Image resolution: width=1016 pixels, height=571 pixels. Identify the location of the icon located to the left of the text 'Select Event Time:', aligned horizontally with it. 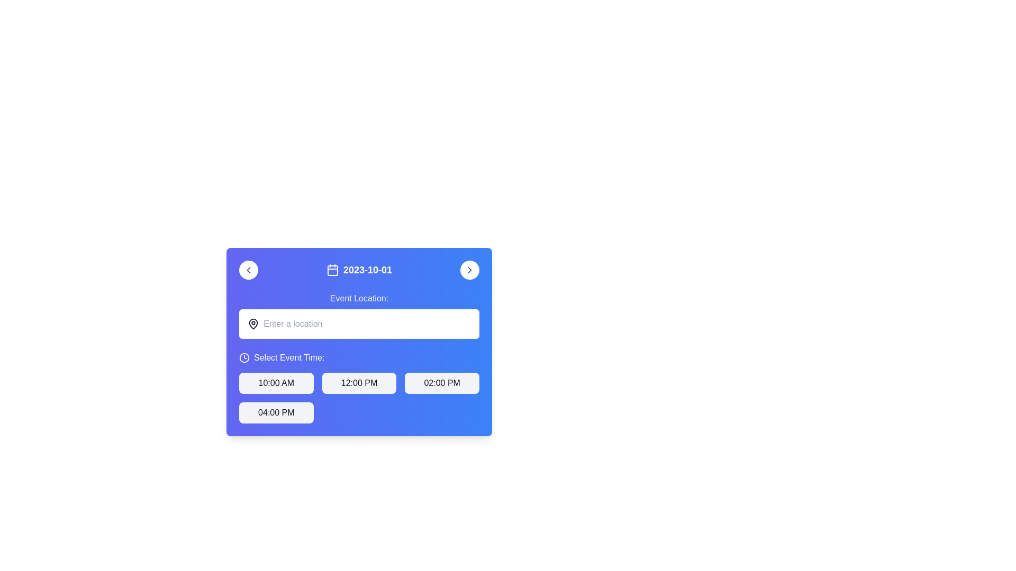
(243, 357).